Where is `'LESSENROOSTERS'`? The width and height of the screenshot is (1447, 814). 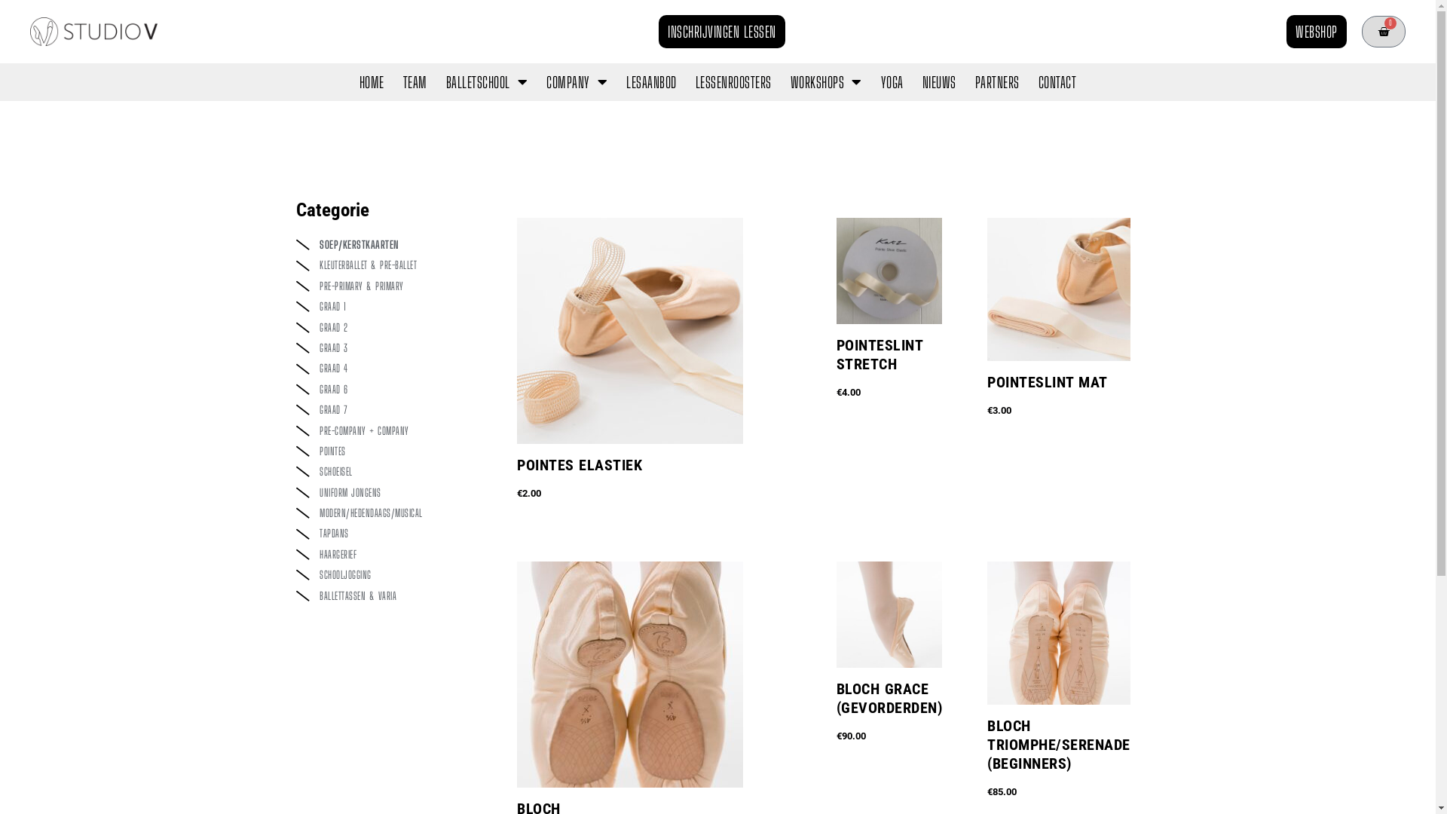 'LESSENROOSTERS' is located at coordinates (733, 81).